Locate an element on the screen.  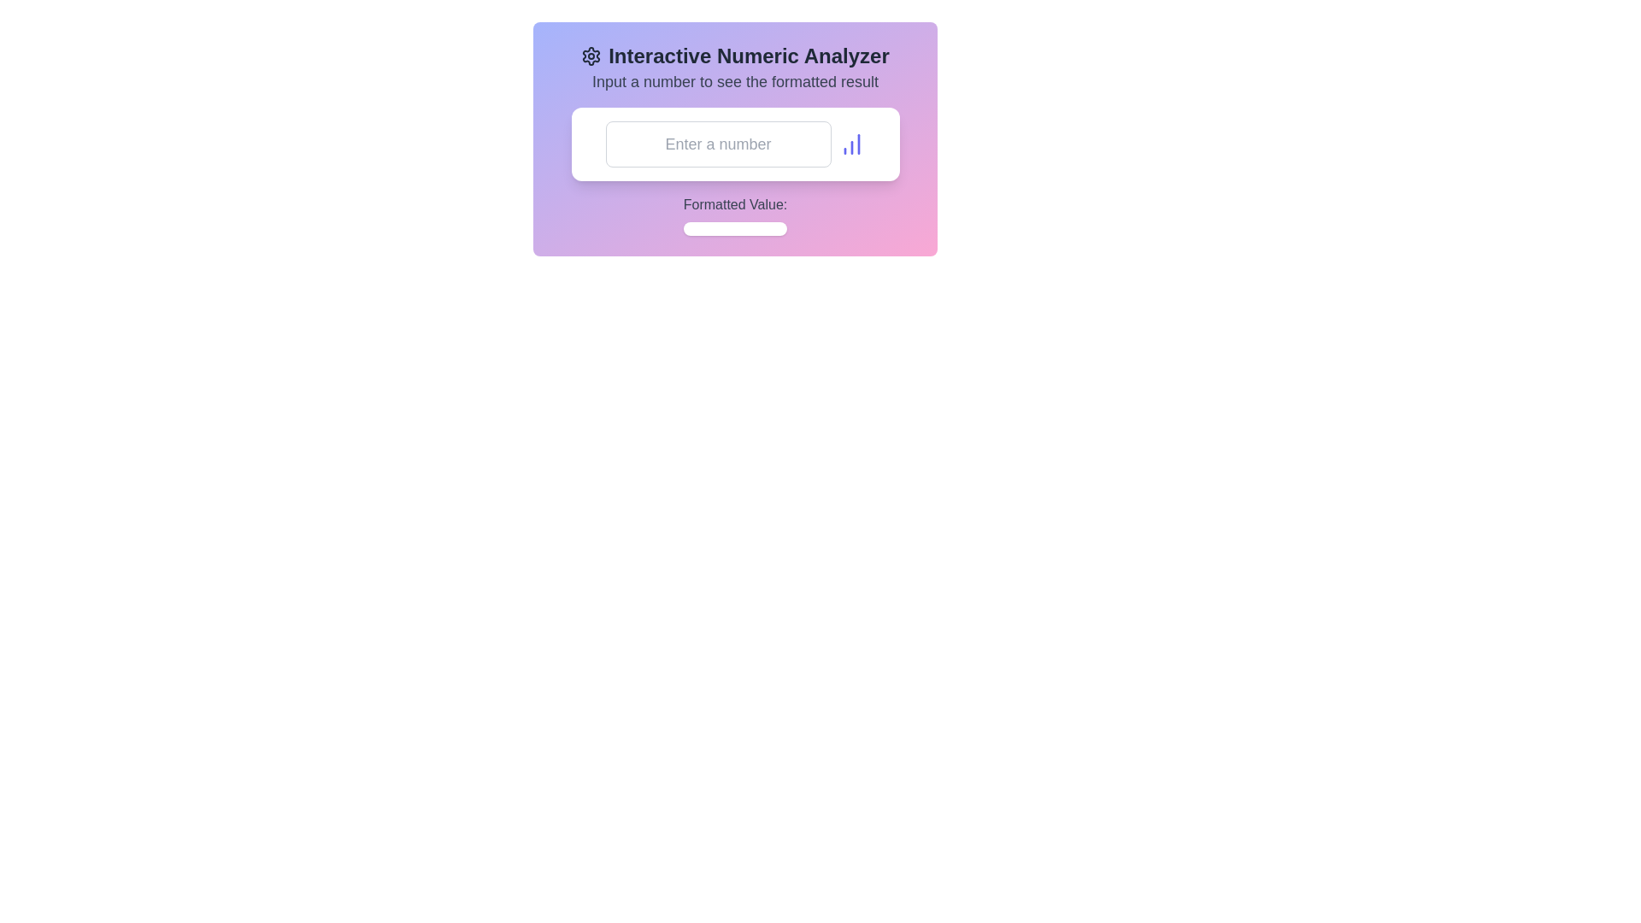
the gear-shaped icon element that represents settings or configuration actions, located near the top of the interface, to the left of the title text 'Interactive Numeric Analyzer' is located at coordinates (591, 55).